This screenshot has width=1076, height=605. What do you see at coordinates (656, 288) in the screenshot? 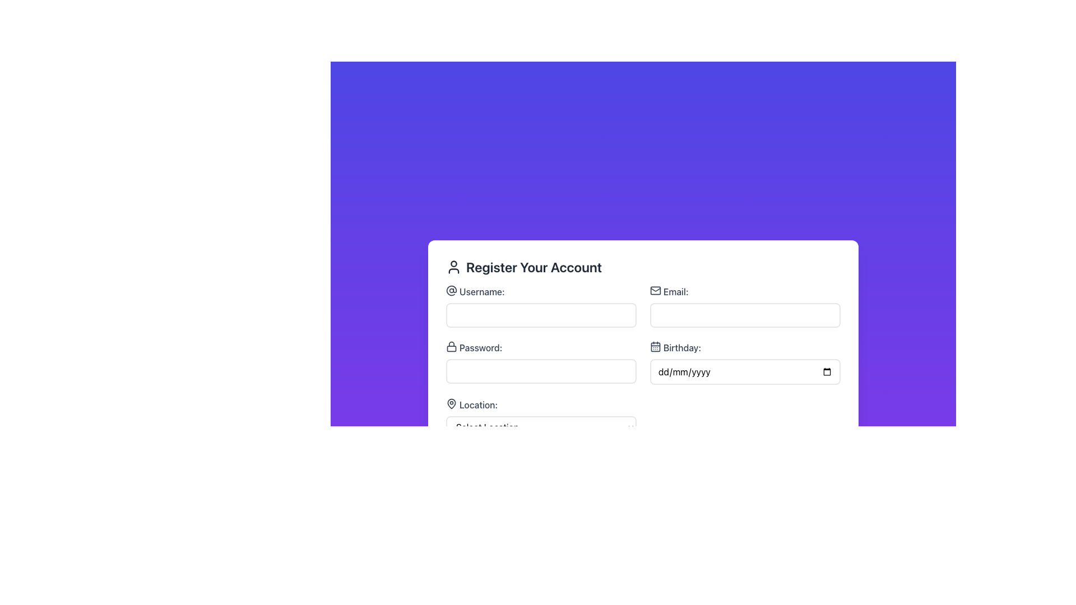
I see `the envelope flap icon of the email field to indicate its functionality` at bounding box center [656, 288].